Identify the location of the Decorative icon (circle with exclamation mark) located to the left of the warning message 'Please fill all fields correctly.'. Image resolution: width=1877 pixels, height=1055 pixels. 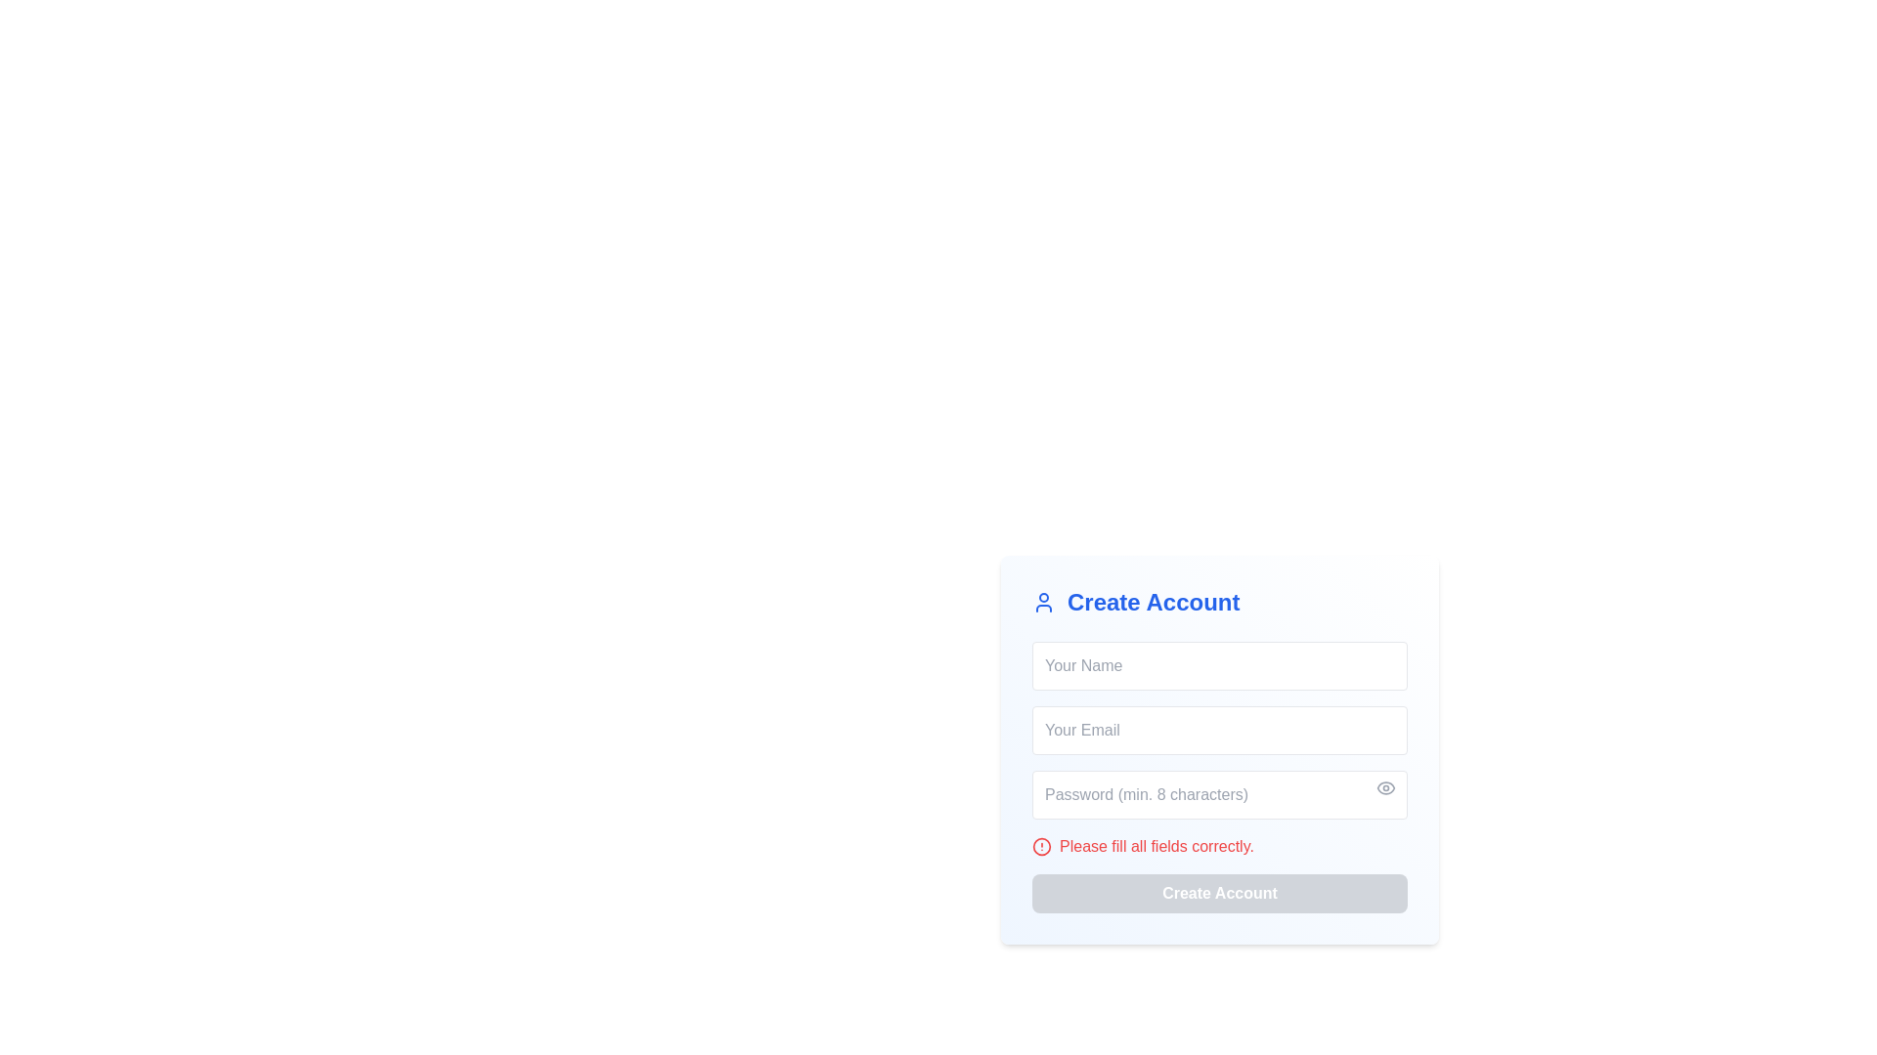
(1040, 846).